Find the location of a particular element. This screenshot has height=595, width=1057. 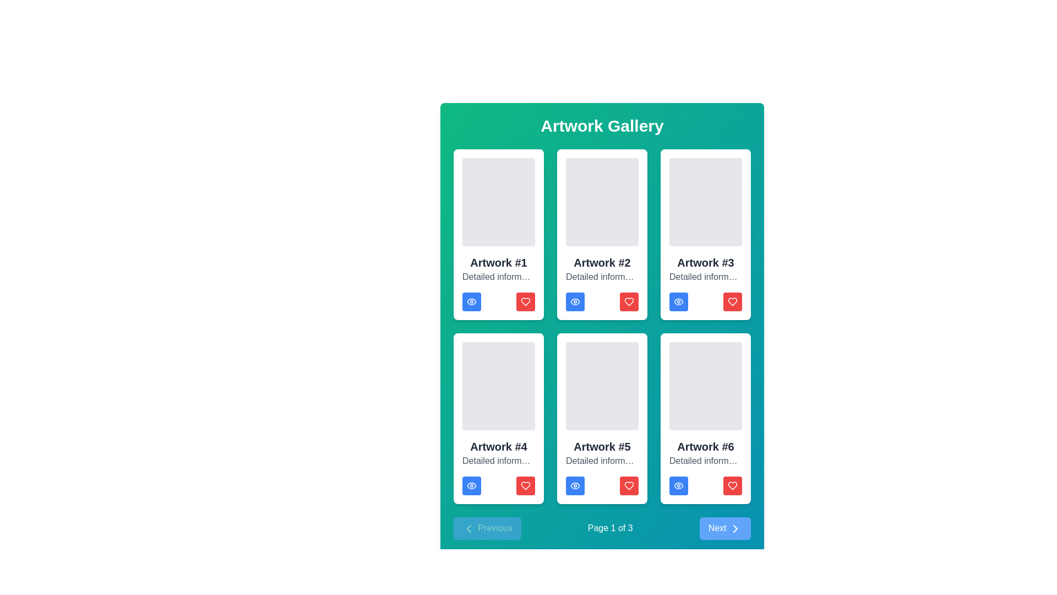

the pagination icon located at the far right side of the blue 'Next' button, which indicates the action of moving to the next page in the gallery is located at coordinates (735, 528).